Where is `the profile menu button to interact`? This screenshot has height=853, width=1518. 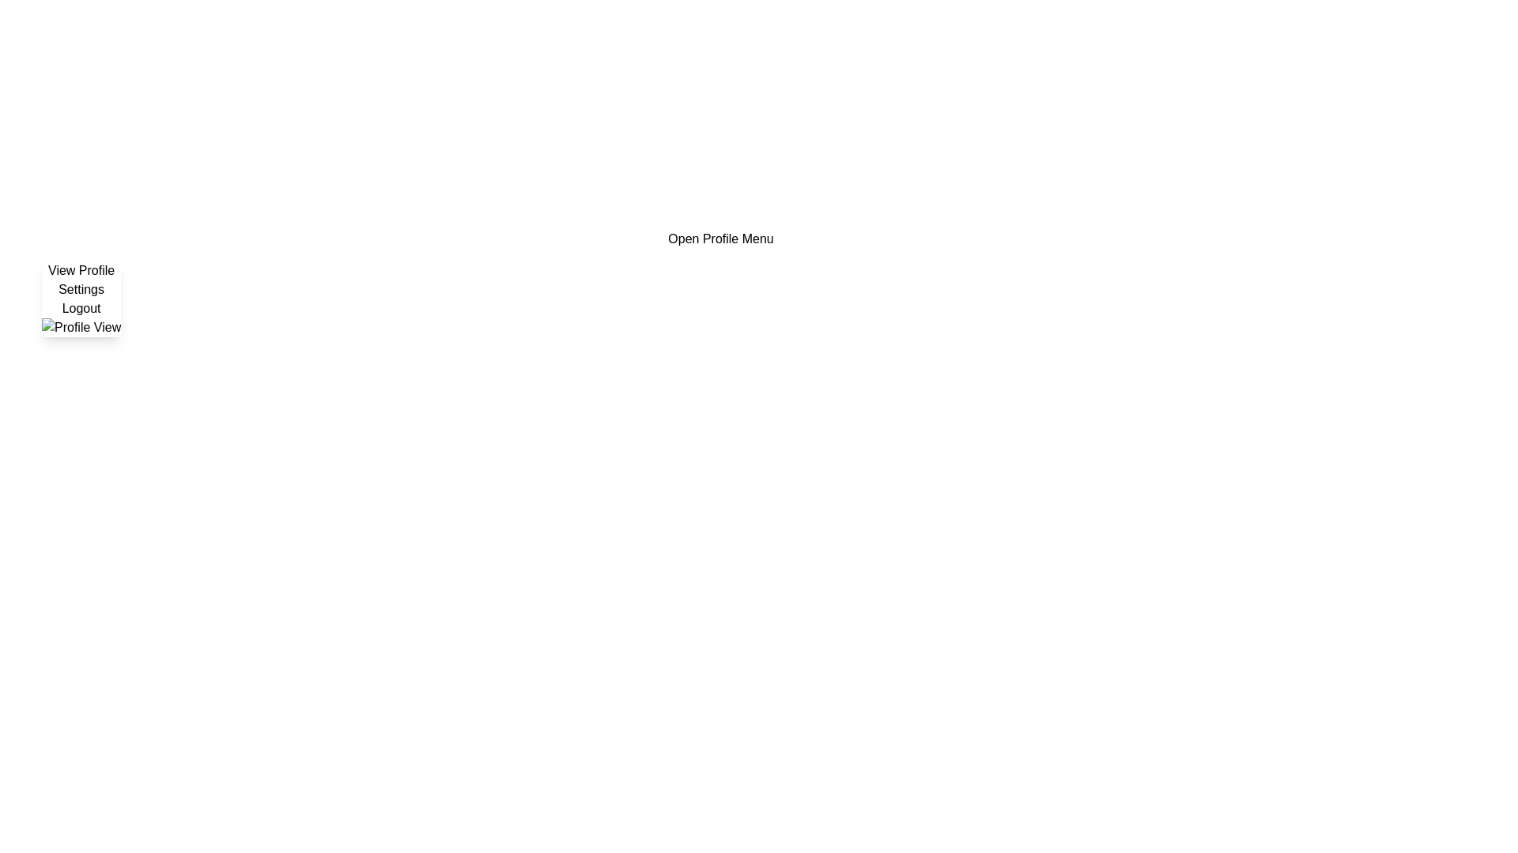 the profile menu button to interact is located at coordinates (720, 239).